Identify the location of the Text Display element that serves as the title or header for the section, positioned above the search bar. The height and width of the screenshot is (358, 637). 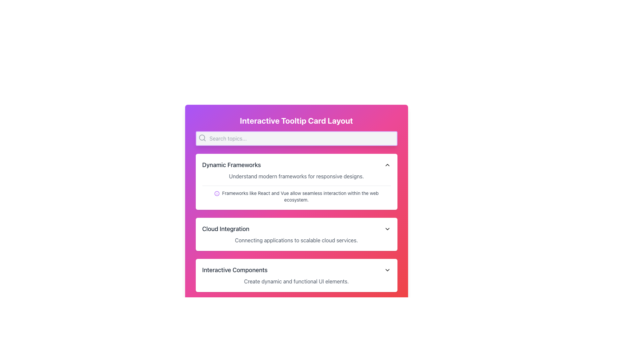
(296, 130).